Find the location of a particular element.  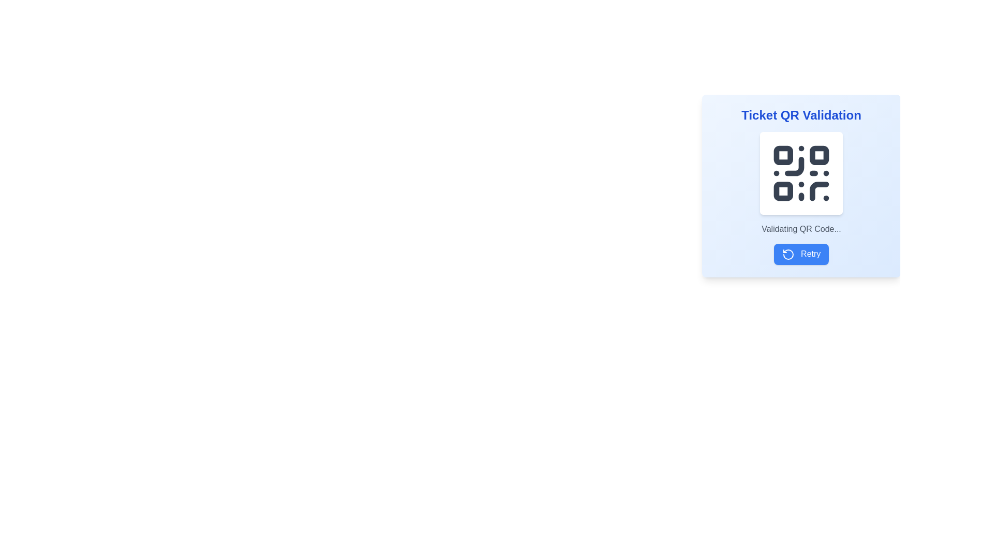

the QR code graphic element, which is styled in dark gray on a white background within a card layout under the header 'Ticket QR Validation' is located at coordinates (801, 173).